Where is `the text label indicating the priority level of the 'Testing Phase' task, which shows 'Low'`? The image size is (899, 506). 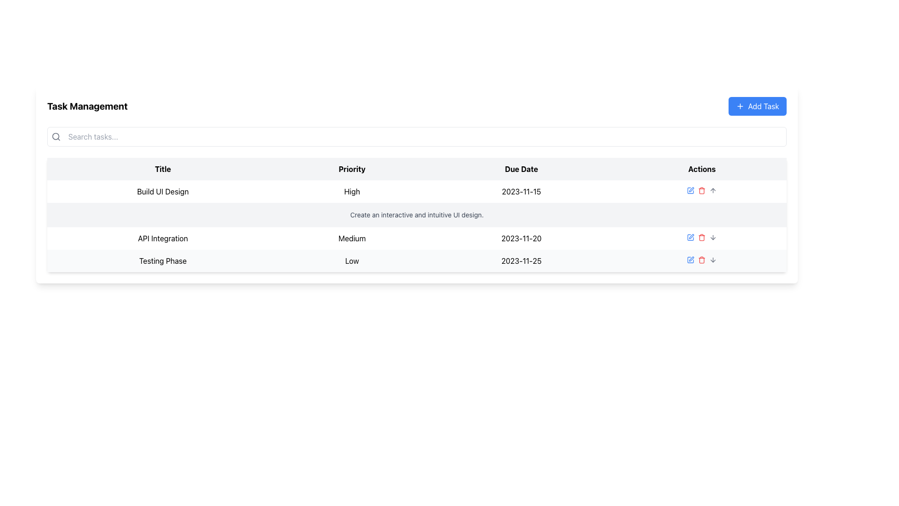
the text label indicating the priority level of the 'Testing Phase' task, which shows 'Low' is located at coordinates (352, 260).